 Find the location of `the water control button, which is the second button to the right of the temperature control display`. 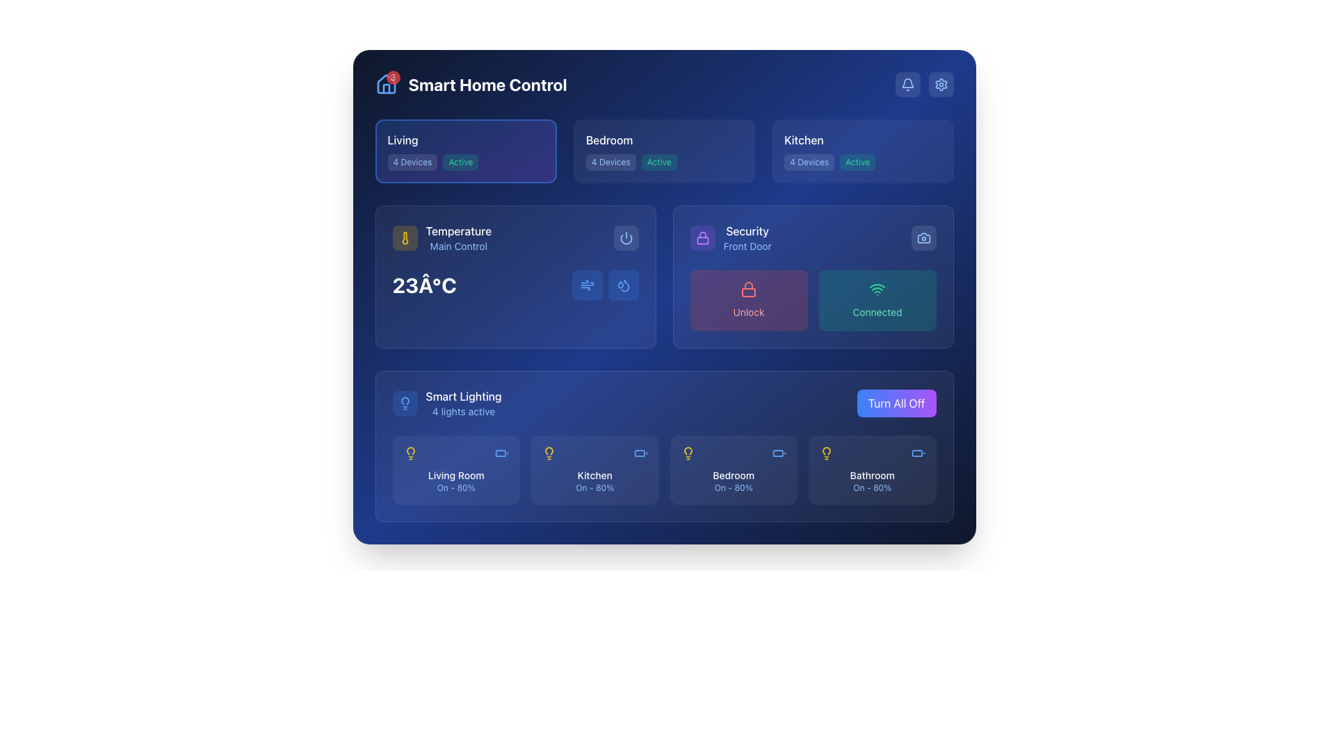

the water control button, which is the second button to the right of the temperature control display is located at coordinates (622, 285).